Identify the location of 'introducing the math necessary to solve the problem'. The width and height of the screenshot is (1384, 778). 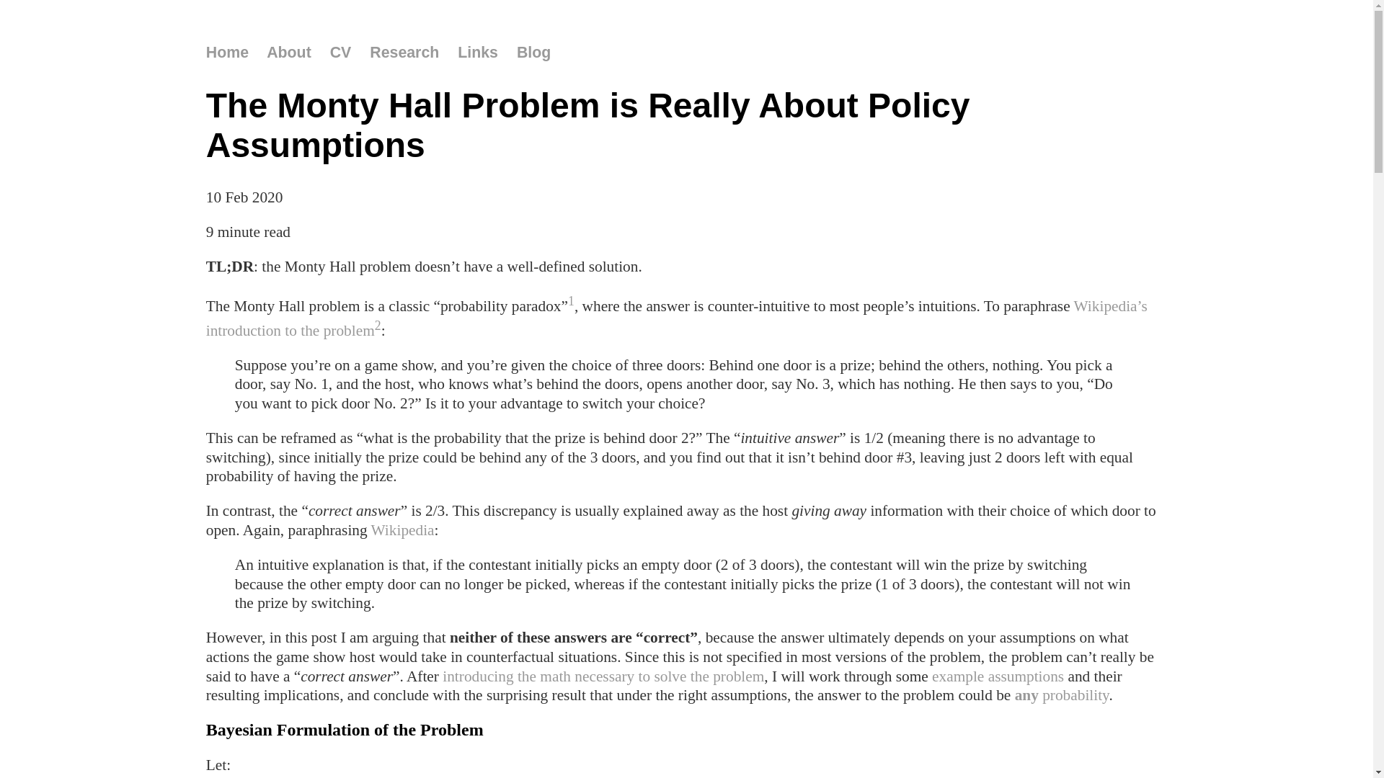
(603, 676).